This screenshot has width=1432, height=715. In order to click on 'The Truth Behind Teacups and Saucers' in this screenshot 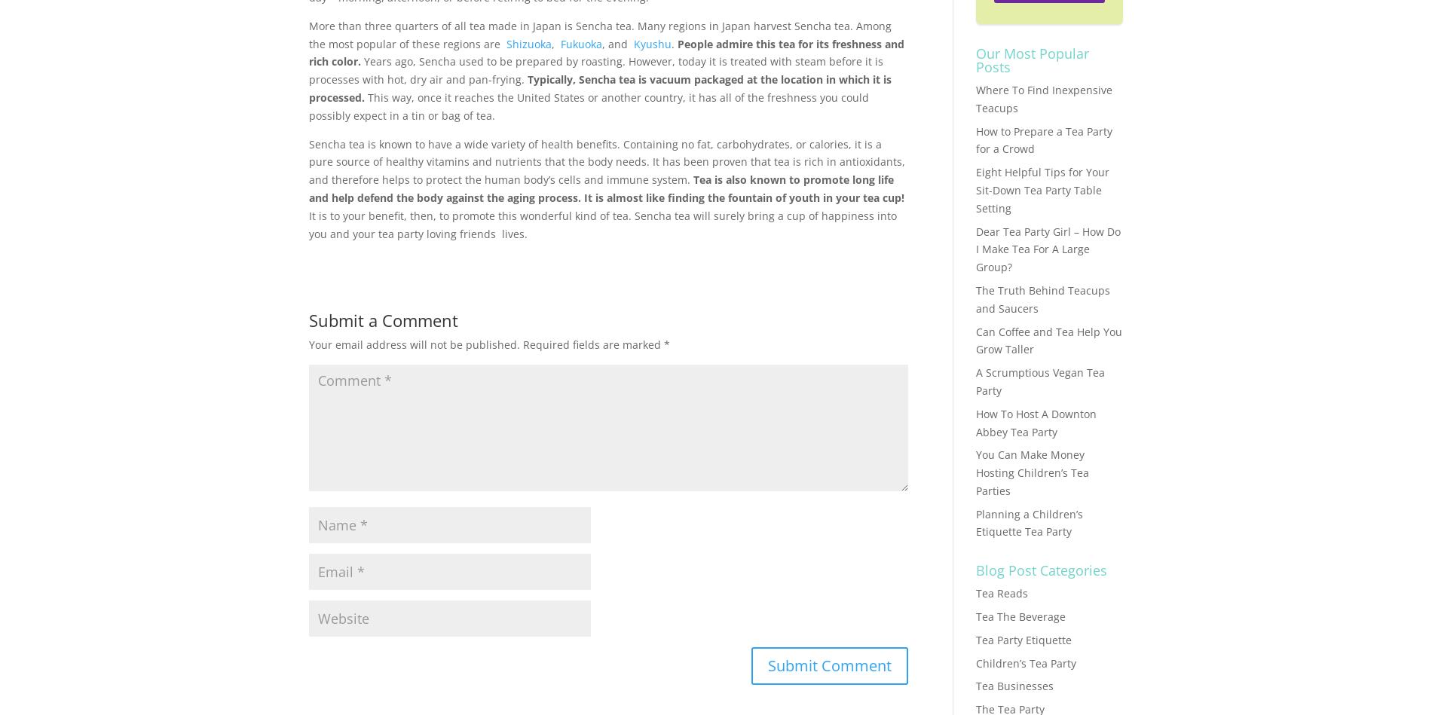, I will do `click(1042, 298)`.